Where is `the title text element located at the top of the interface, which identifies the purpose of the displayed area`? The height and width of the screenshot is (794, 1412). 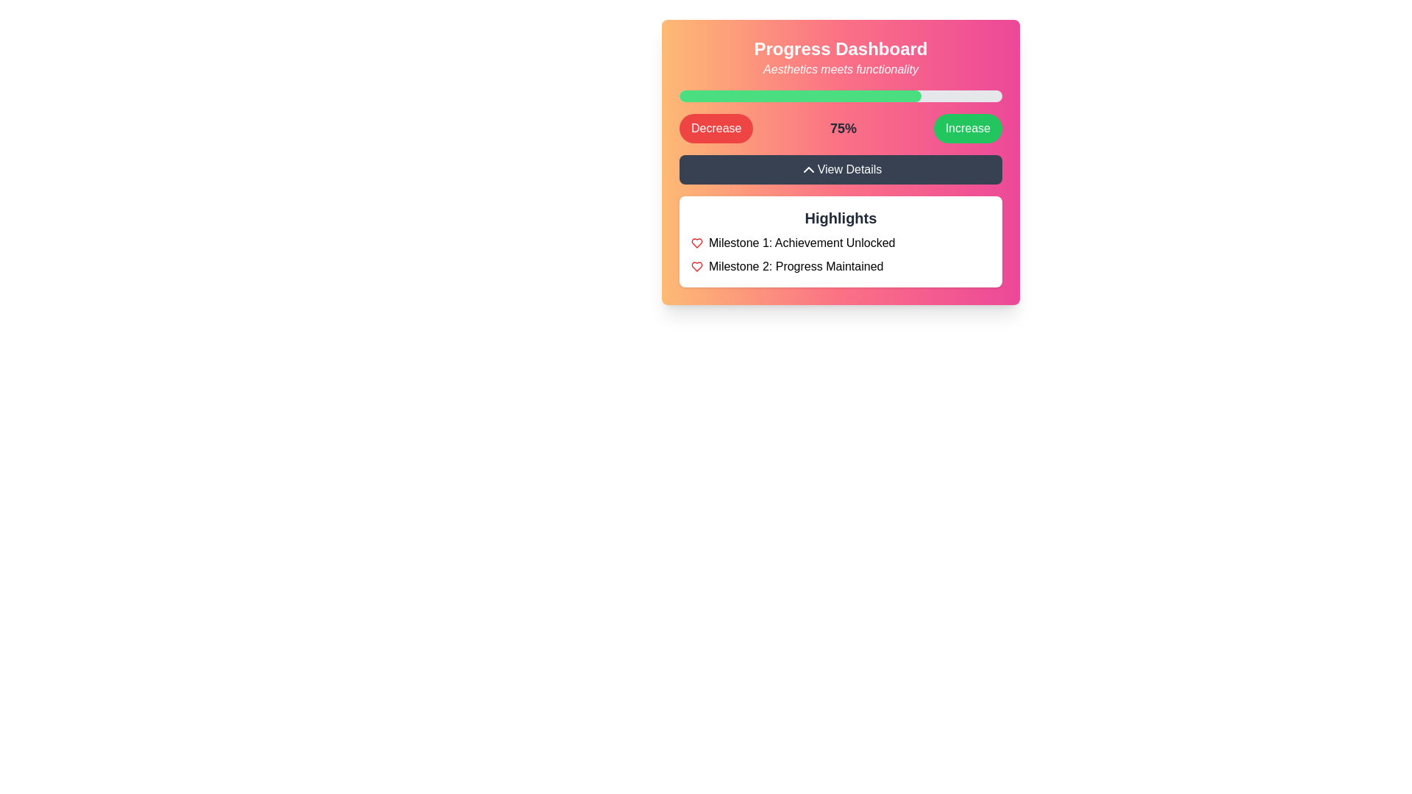 the title text element located at the top of the interface, which identifies the purpose of the displayed area is located at coordinates (841, 48).